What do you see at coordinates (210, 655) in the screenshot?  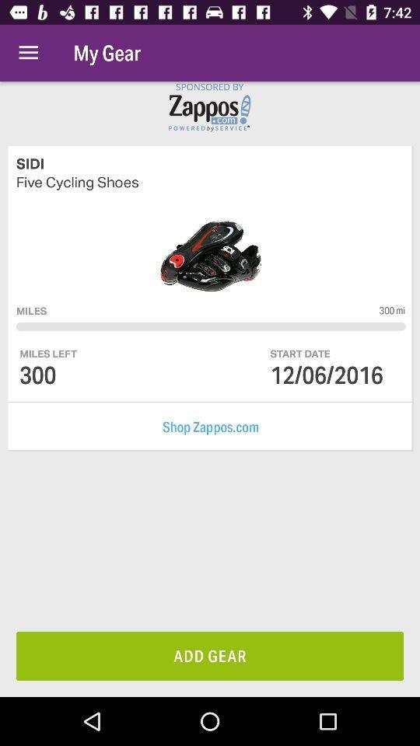 I see `add gear item` at bounding box center [210, 655].